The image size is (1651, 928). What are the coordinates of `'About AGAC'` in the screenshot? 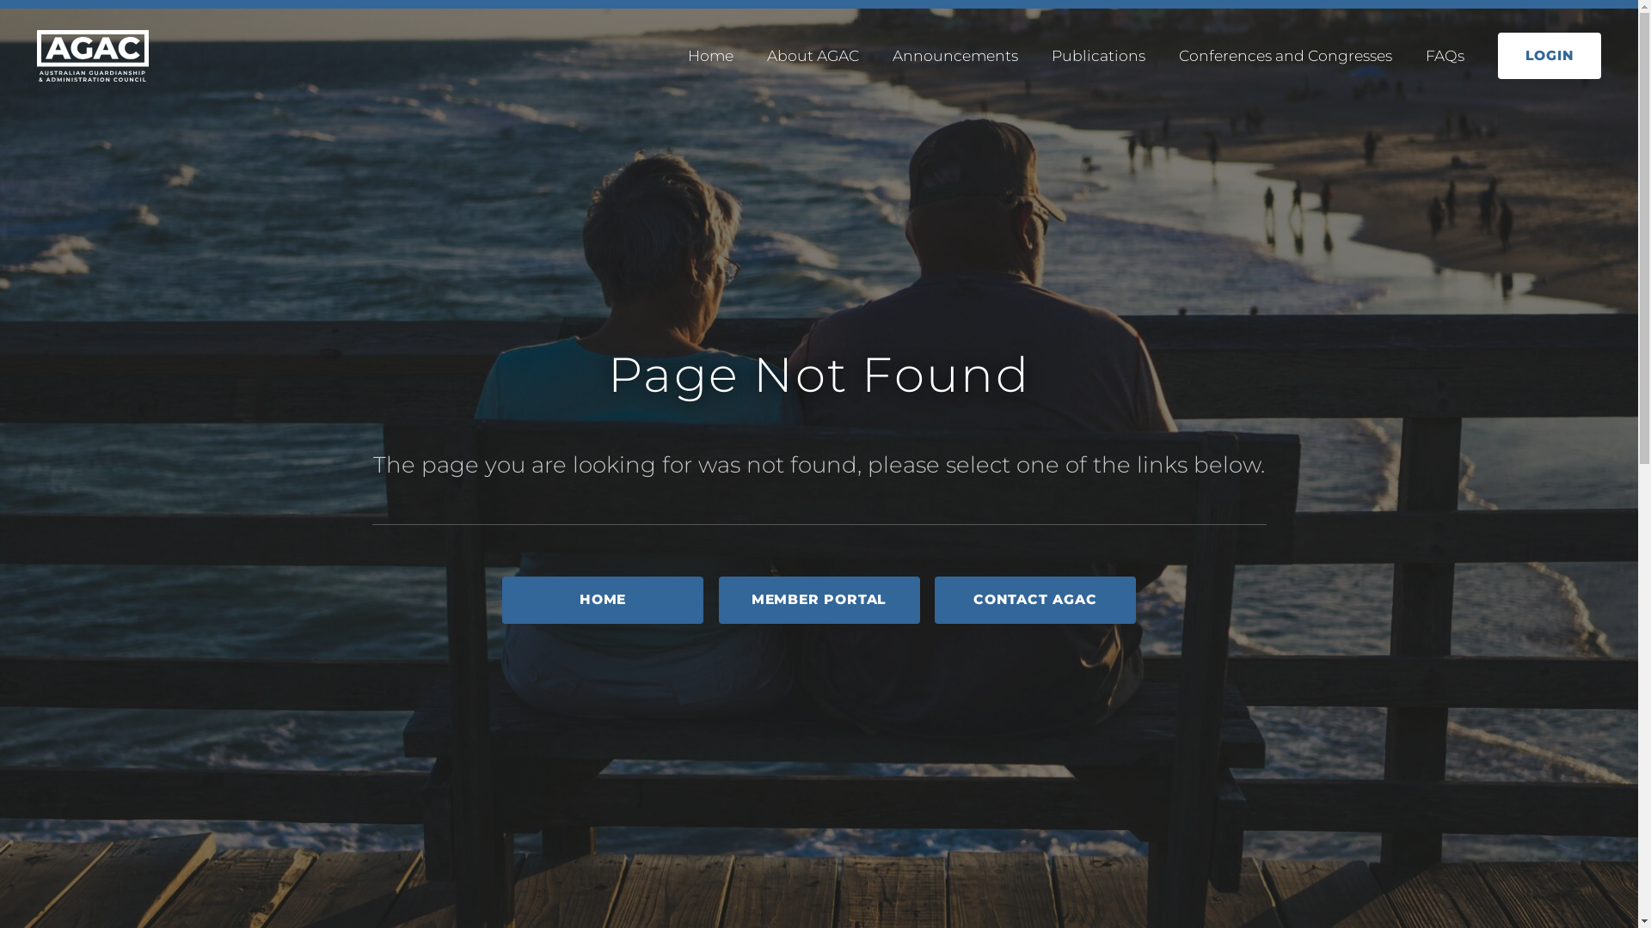 It's located at (812, 54).